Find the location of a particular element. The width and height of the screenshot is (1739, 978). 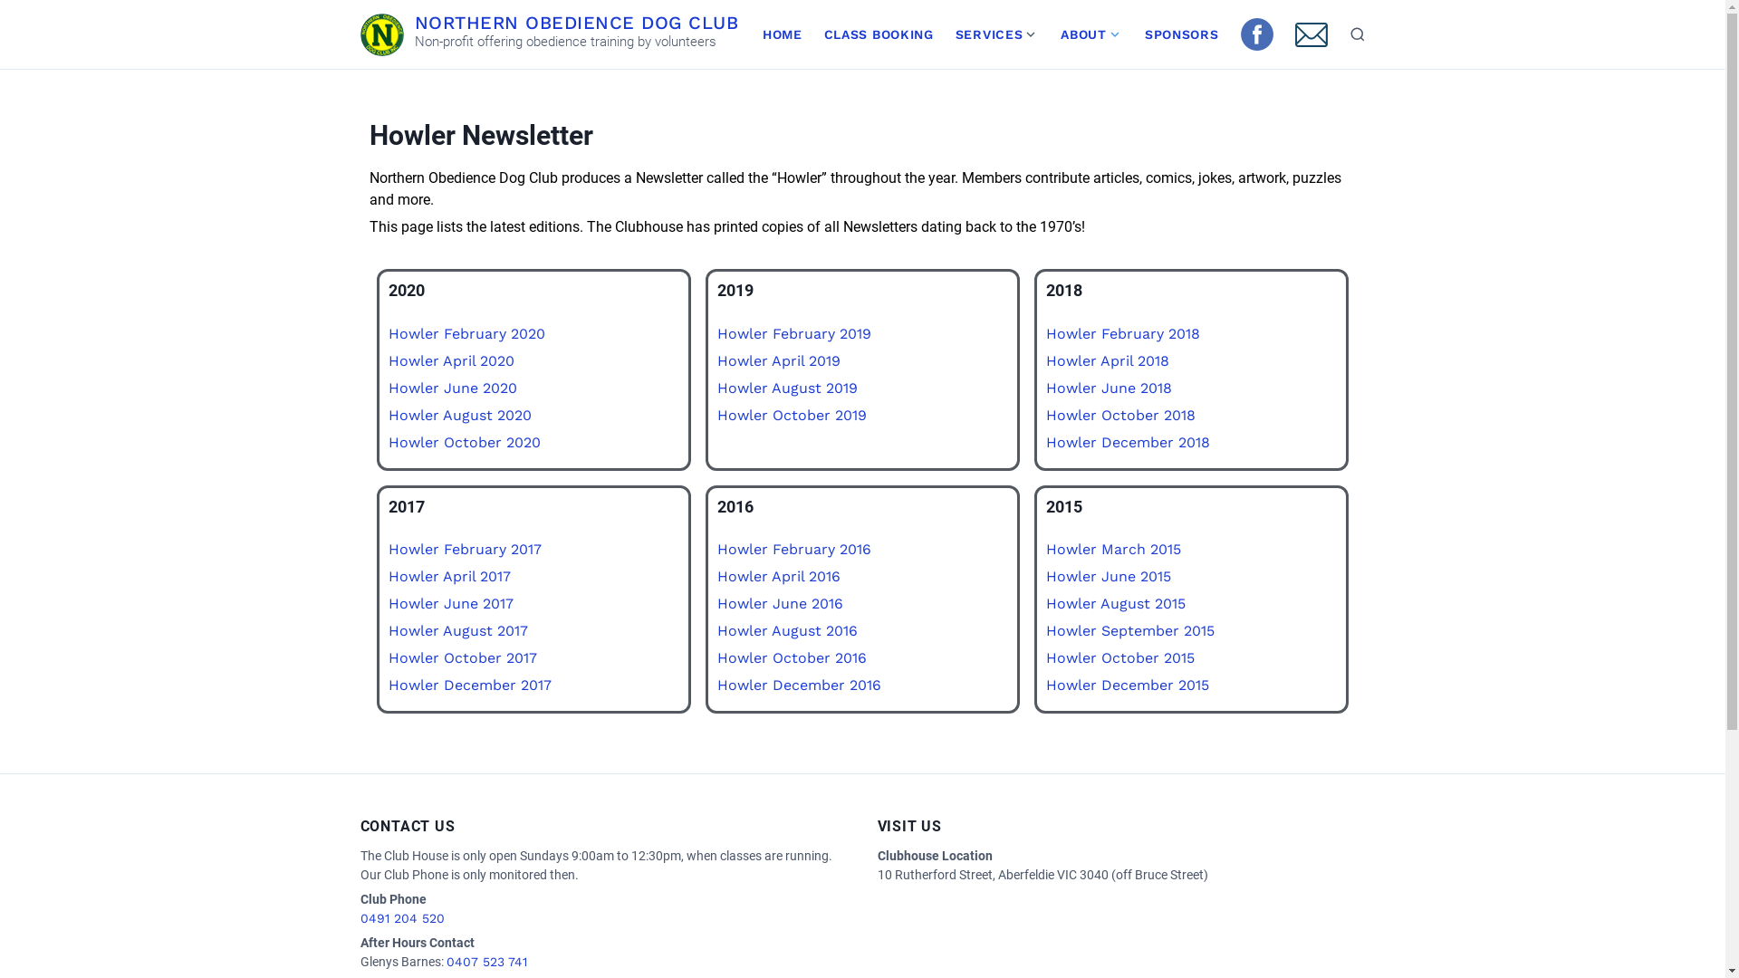

'Howler February 2017' is located at coordinates (464, 548).